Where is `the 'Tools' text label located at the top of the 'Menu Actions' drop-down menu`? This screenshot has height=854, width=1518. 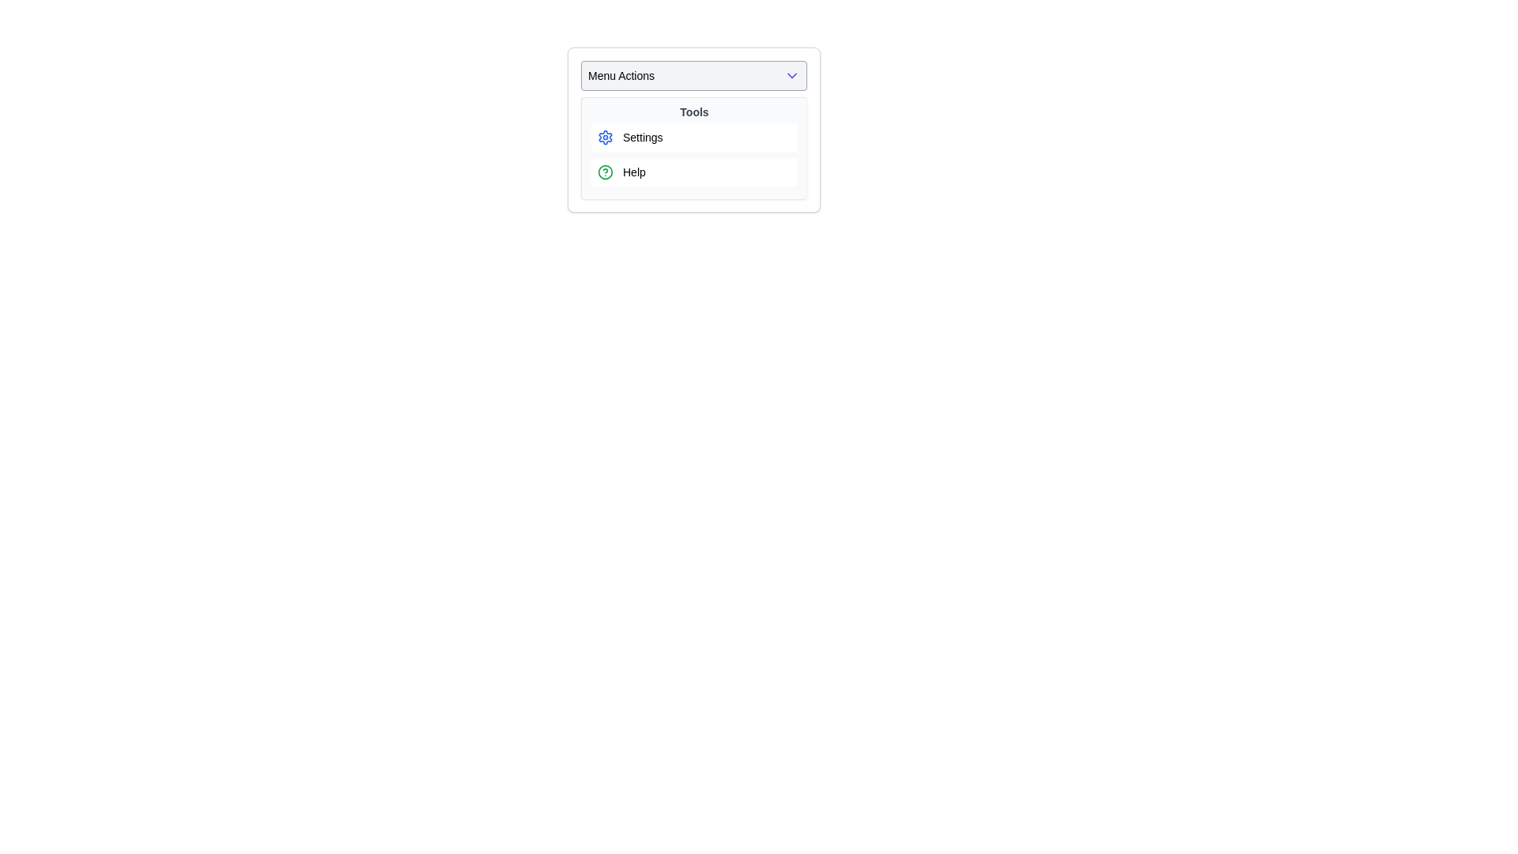
the 'Tools' text label located at the top of the 'Menu Actions' drop-down menu is located at coordinates (694, 111).